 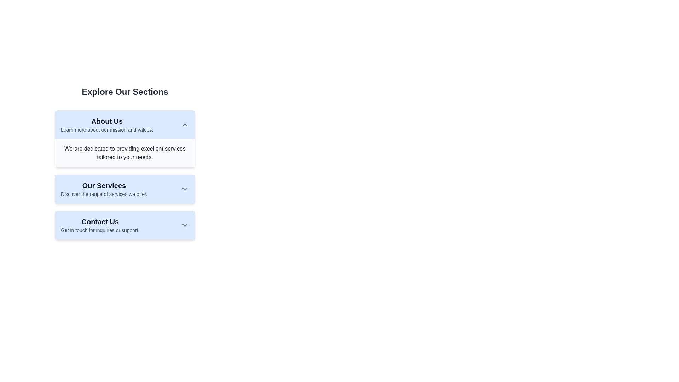 I want to click on the 'Our Services' expandable section header, which is a rectangular button with a light blue background containing the text 'Our Services' and a chevron-down icon, so click(x=125, y=189).